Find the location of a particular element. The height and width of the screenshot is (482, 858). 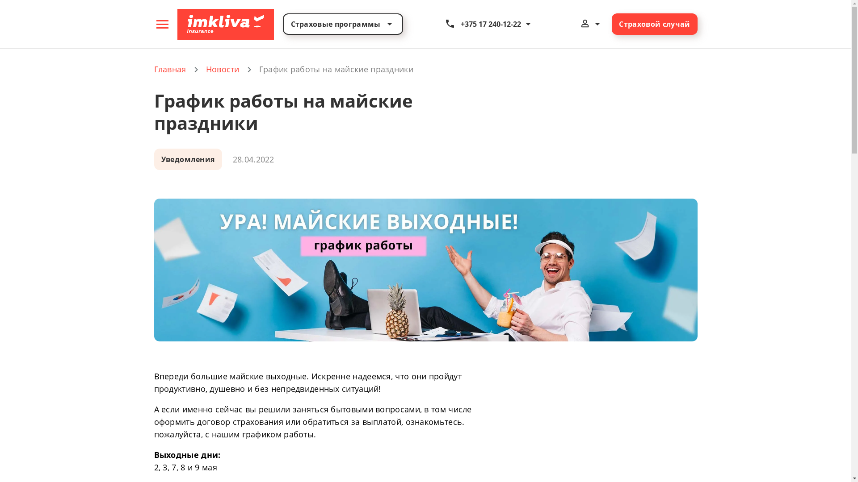

'+375 17 240-12-22' is located at coordinates (488, 24).